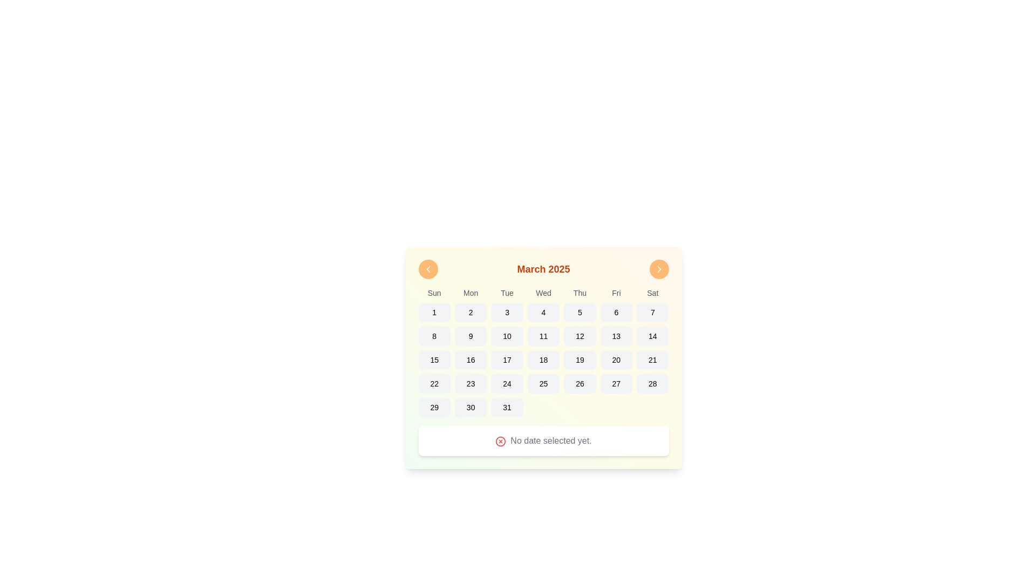 This screenshot has width=1036, height=583. What do you see at coordinates (507, 408) in the screenshot?
I see `the button representing the day '31'` at bounding box center [507, 408].